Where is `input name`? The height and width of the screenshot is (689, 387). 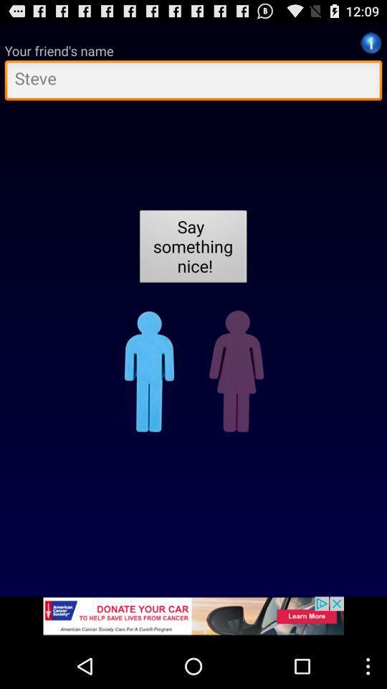 input name is located at coordinates (193, 82).